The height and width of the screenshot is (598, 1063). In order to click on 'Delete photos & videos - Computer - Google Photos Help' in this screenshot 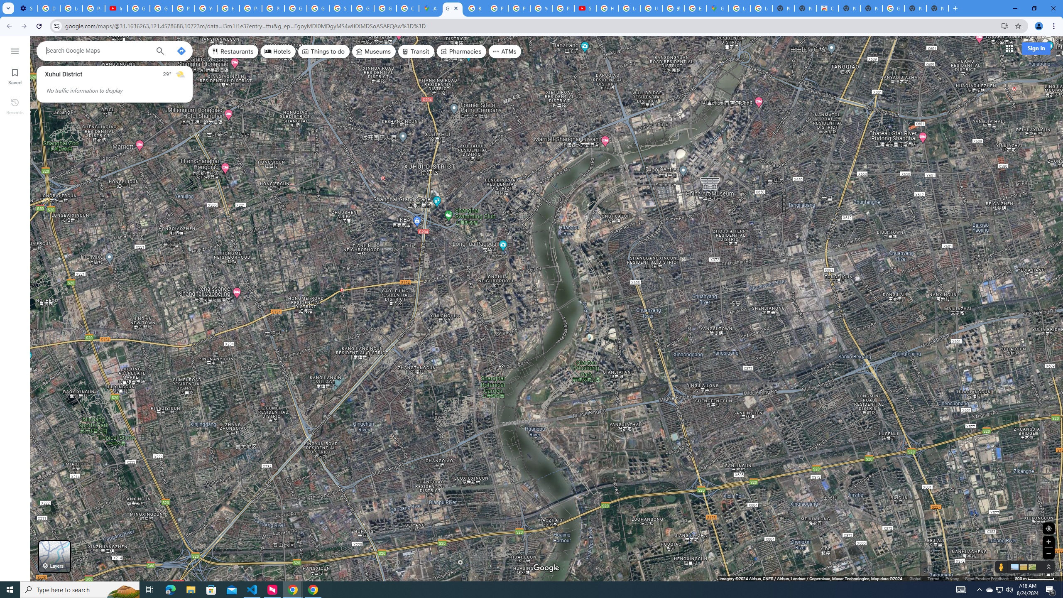, I will do `click(49, 8)`.